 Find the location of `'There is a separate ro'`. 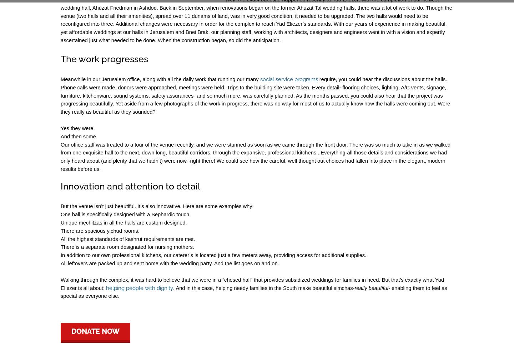

'There is a separate ro' is located at coordinates (86, 247).